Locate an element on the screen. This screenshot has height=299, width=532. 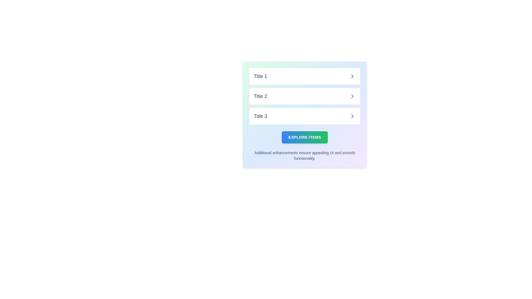
the Chevron Icon located on the right-hand side of the 'Title 3' section is located at coordinates (352, 116).